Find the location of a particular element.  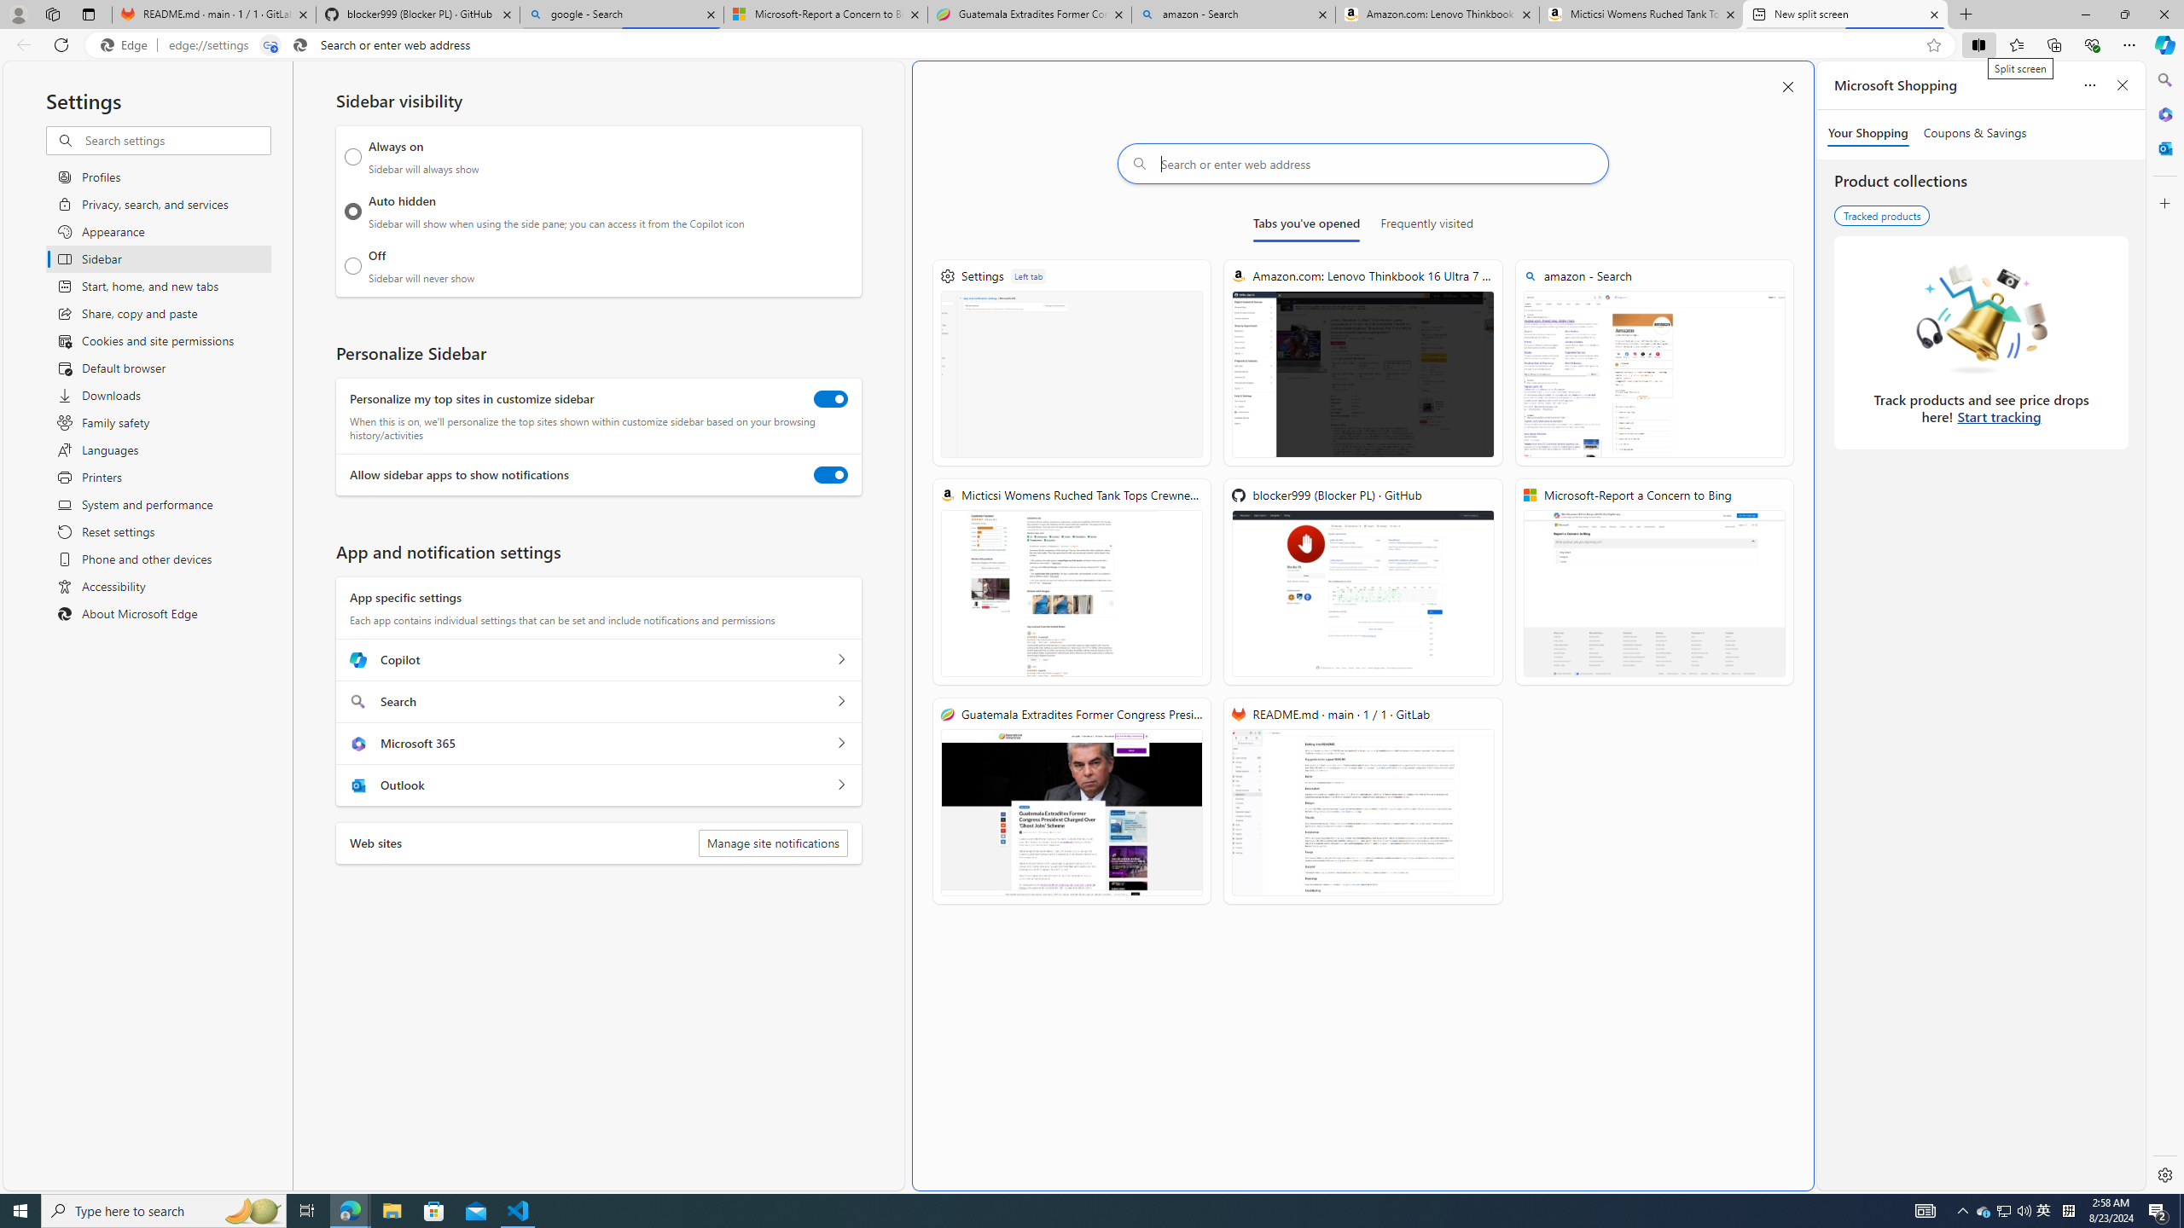

'Manage site notifications' is located at coordinates (772, 843).